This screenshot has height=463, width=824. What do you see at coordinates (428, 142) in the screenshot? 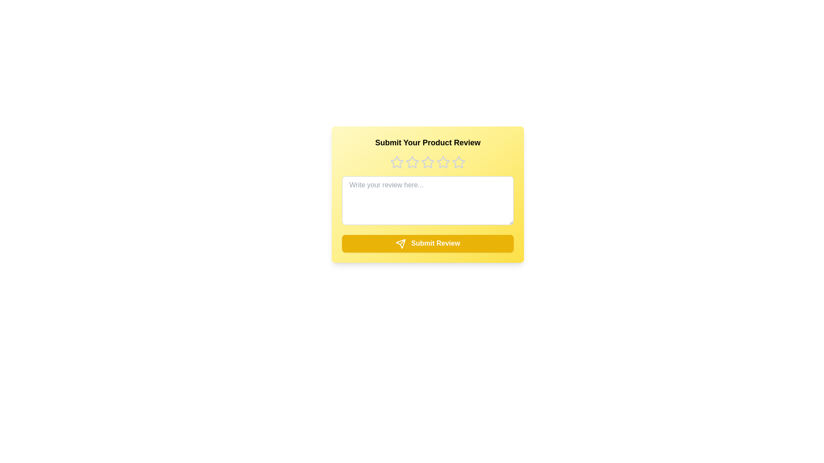
I see `the text label that says 'Submit Your Product Review', which is displayed in bold and centered styling within a gradient yellow background box at the top of the card-like section` at bounding box center [428, 142].